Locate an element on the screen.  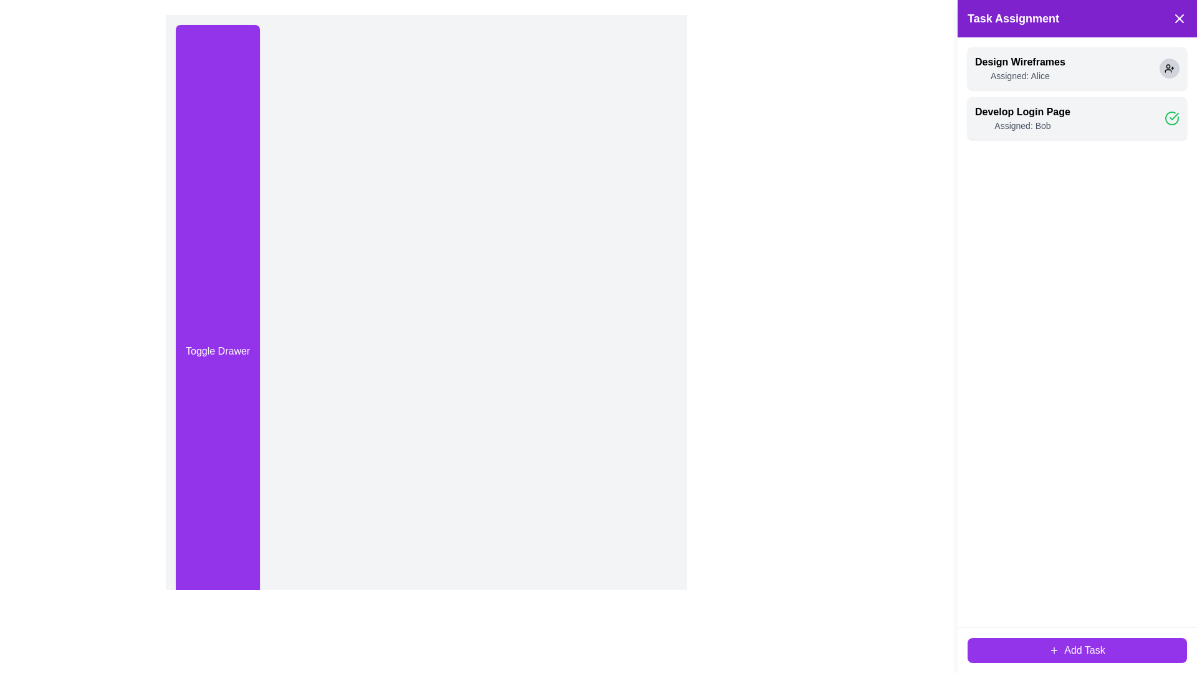
the bold text label displaying 'Design Wireframes' at the top of the task list interface within the 'Task Assignment' panel is located at coordinates (1020, 62).